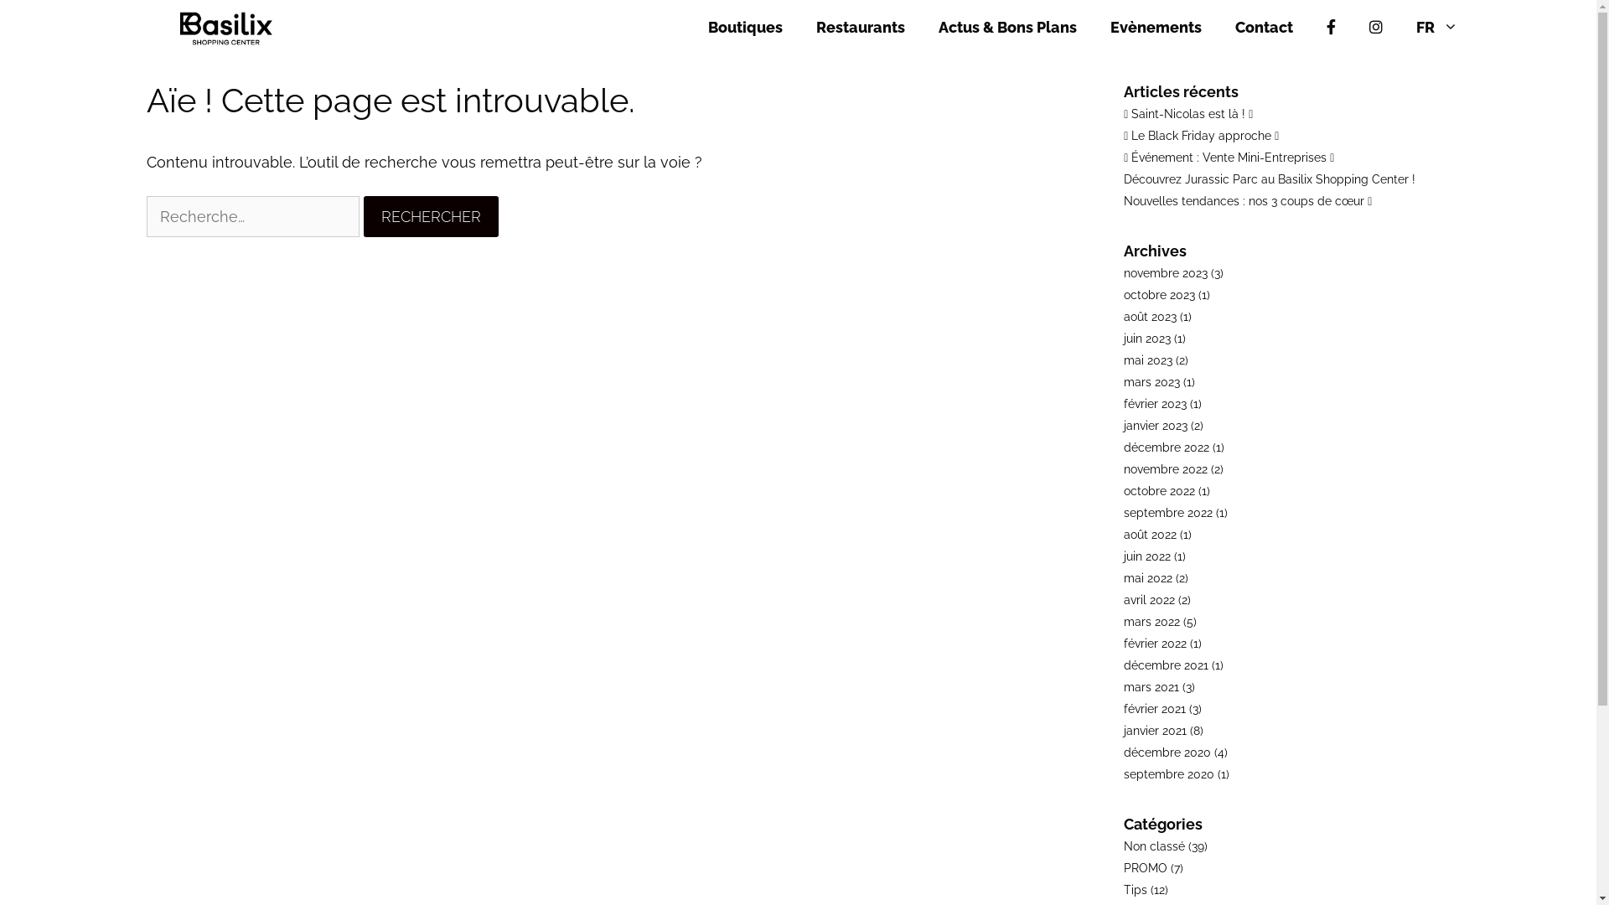  What do you see at coordinates (1146, 359) in the screenshot?
I see `'mai 2023'` at bounding box center [1146, 359].